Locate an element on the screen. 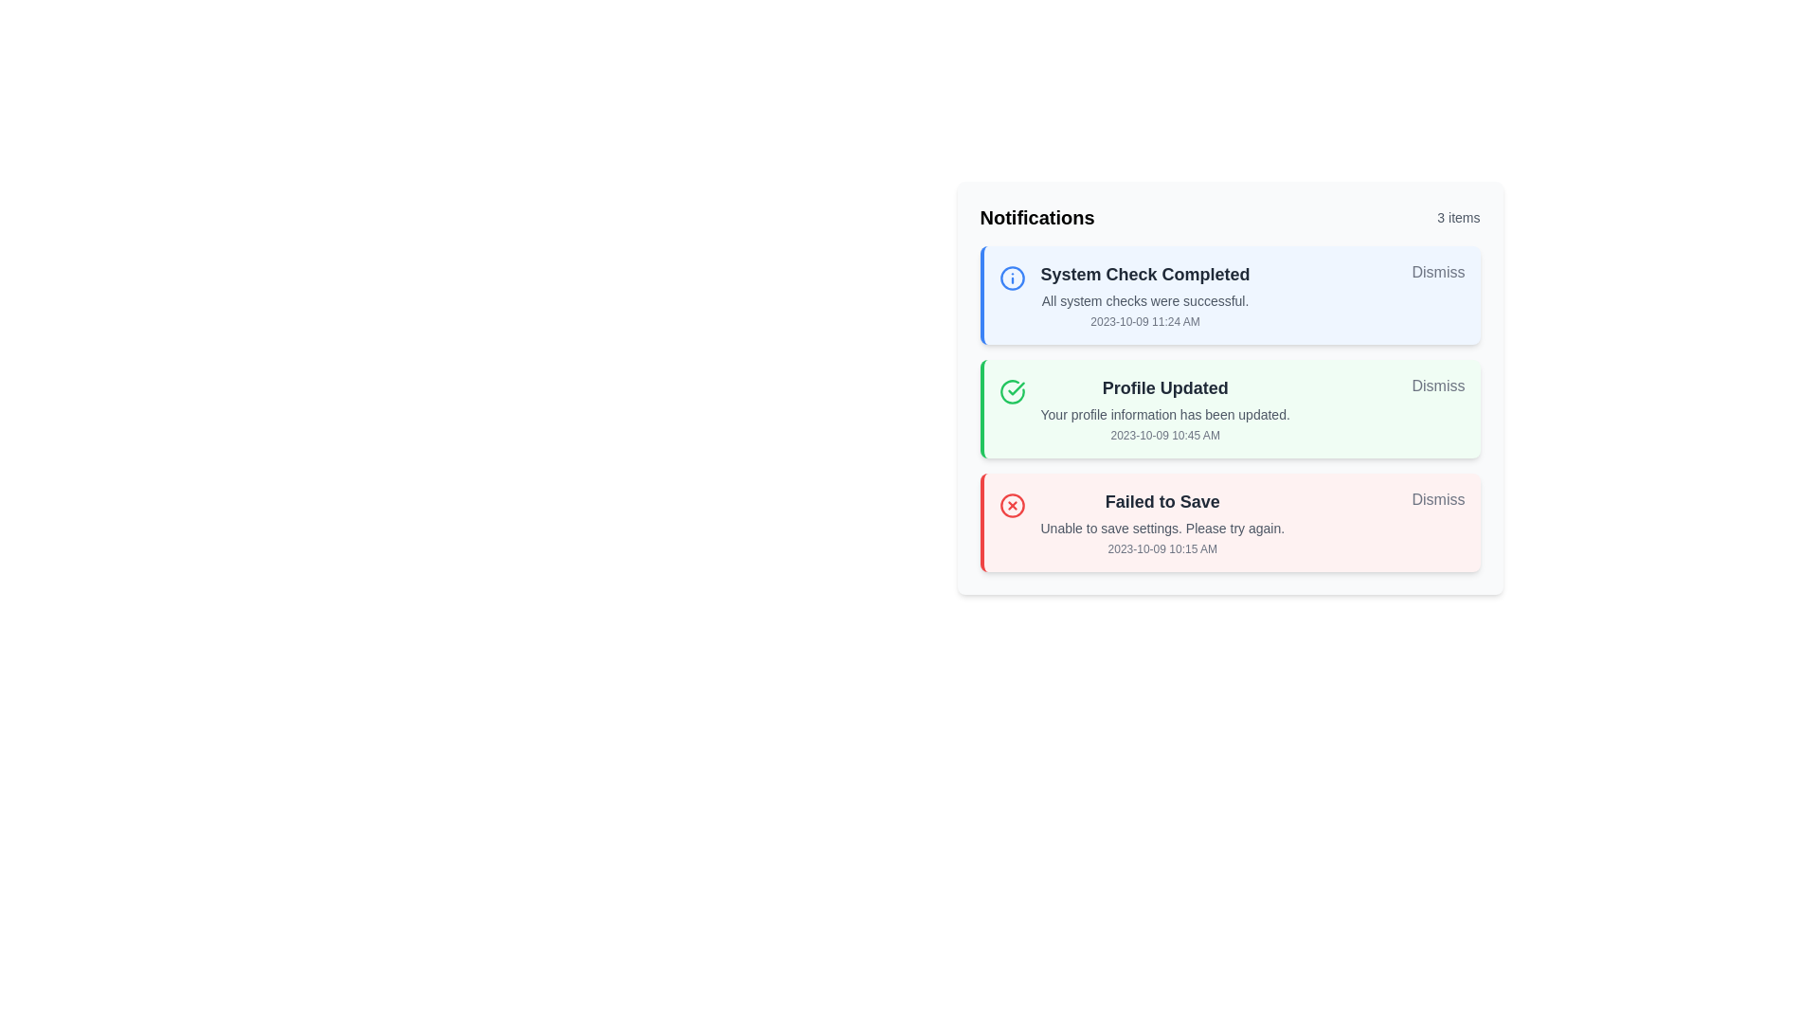 Image resolution: width=1819 pixels, height=1023 pixels. the text label element that displays the time and date of the 'Profile Updated' notification, located at the bottom of the notification card is located at coordinates (1164, 435).